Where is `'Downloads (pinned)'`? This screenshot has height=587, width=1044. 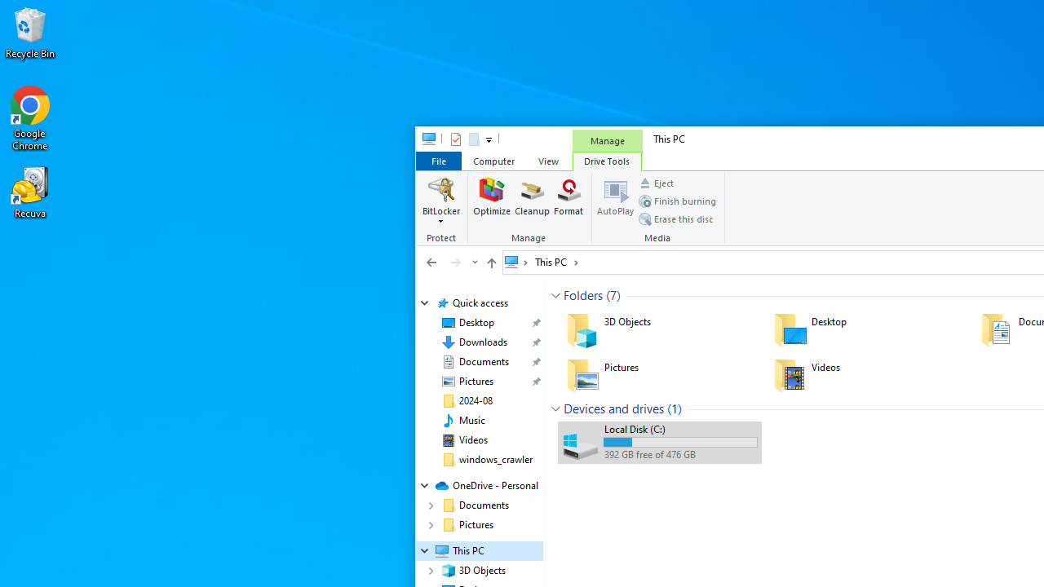 'Downloads (pinned)' is located at coordinates (482, 342).